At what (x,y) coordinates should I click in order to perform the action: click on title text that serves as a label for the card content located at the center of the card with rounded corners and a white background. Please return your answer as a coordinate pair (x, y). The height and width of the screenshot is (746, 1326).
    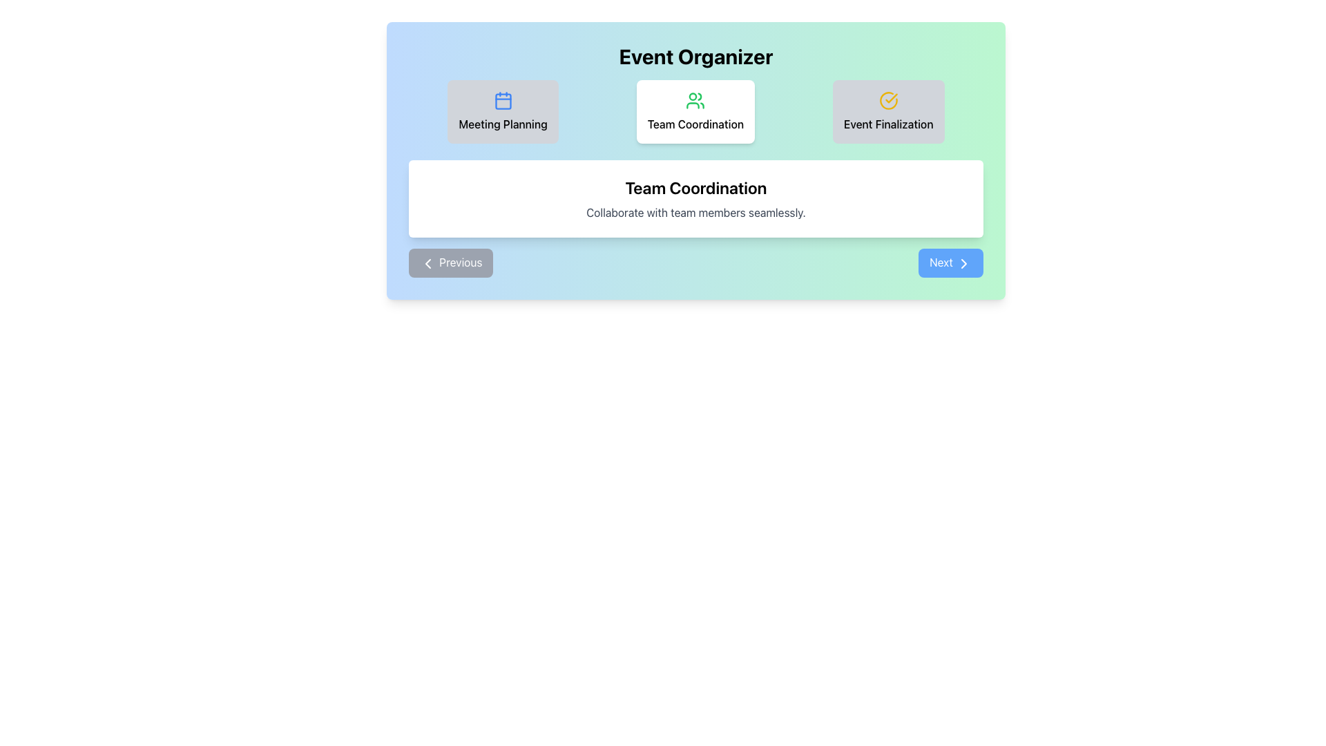
    Looking at the image, I should click on (696, 188).